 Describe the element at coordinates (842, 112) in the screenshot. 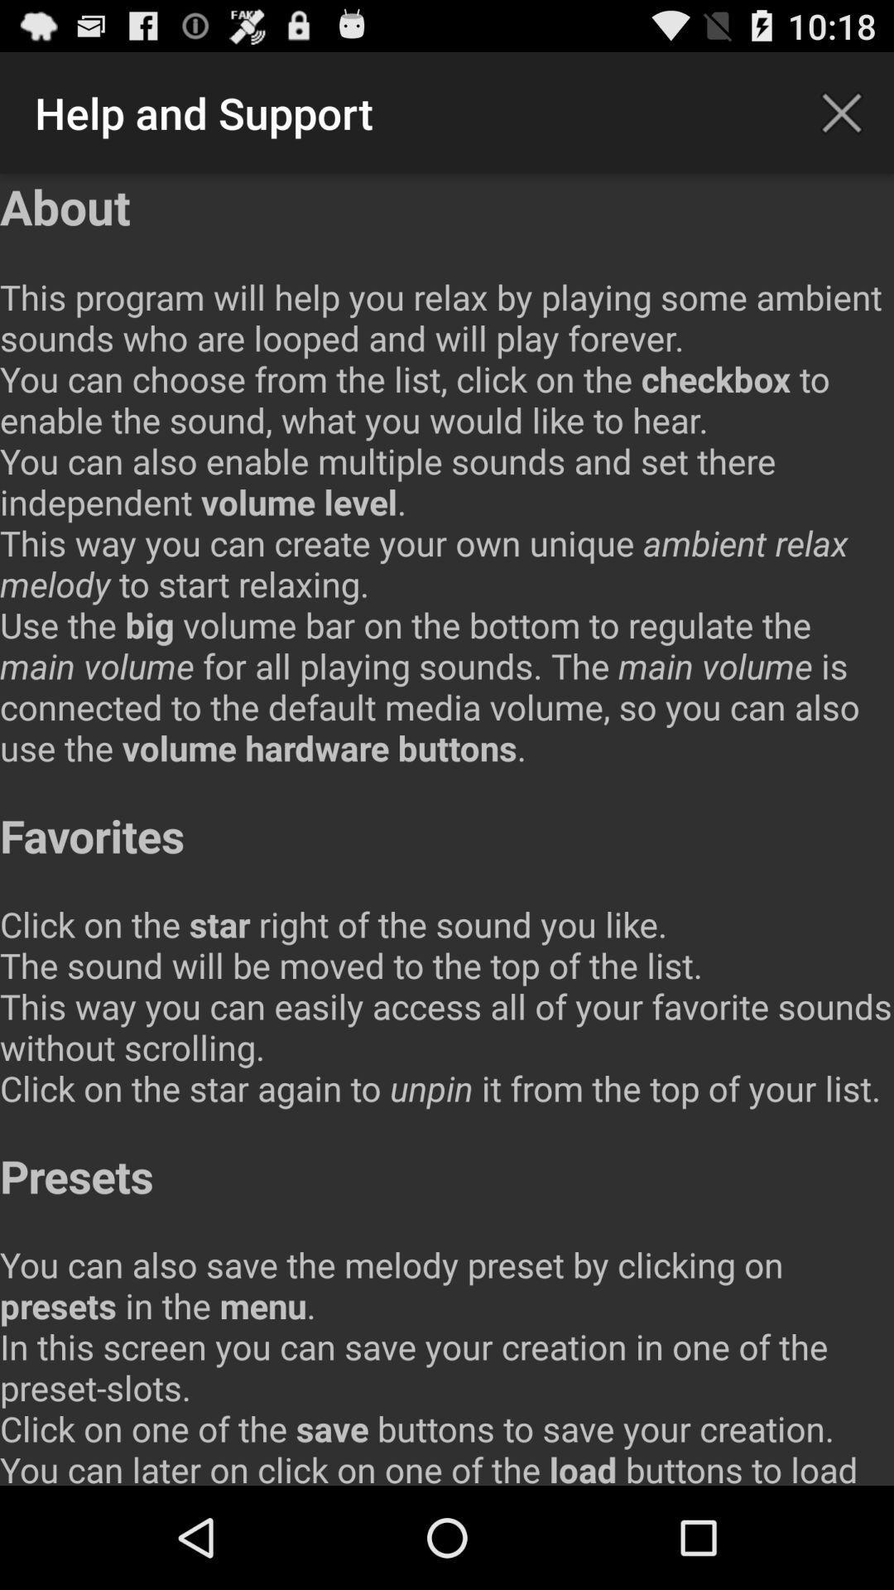

I see `item at the top right corner` at that location.